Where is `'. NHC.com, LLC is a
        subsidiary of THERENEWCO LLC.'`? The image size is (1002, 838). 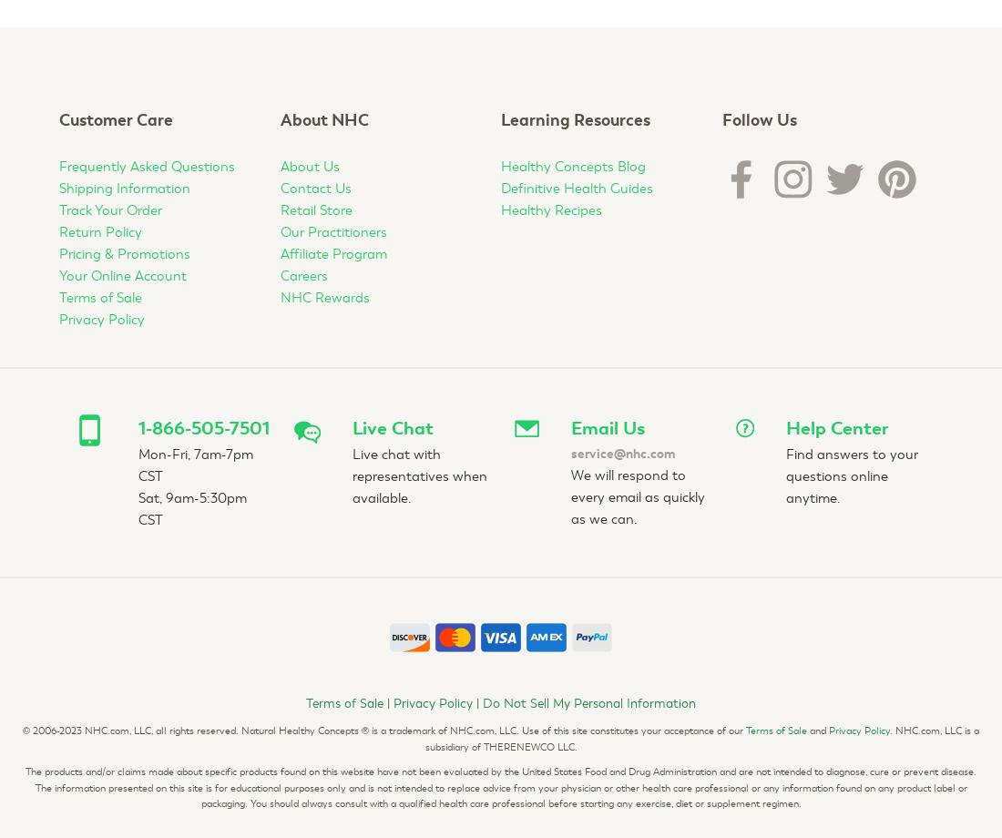 '. NHC.com, LLC is a
        subsidiary of THERENEWCO LLC.' is located at coordinates (701, 737).